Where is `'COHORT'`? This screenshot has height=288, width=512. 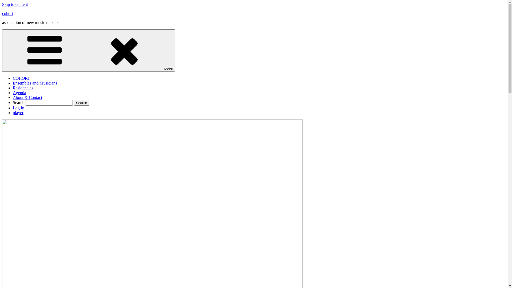
'COHORT' is located at coordinates (21, 78).